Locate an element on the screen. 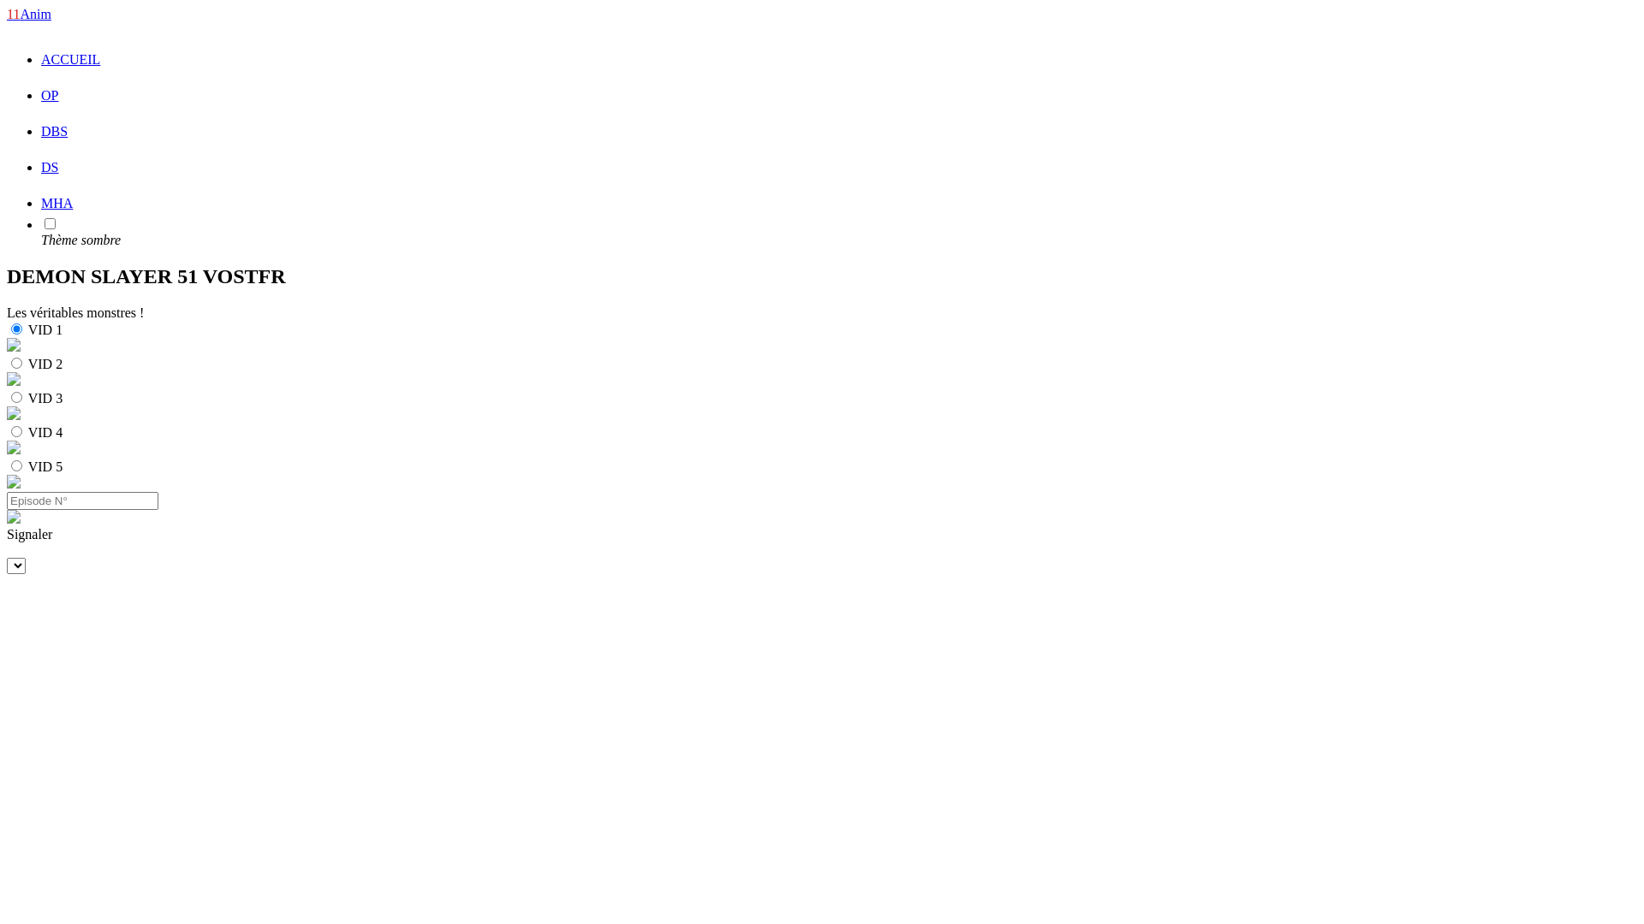 The image size is (1644, 924). 'MHA' is located at coordinates (57, 202).